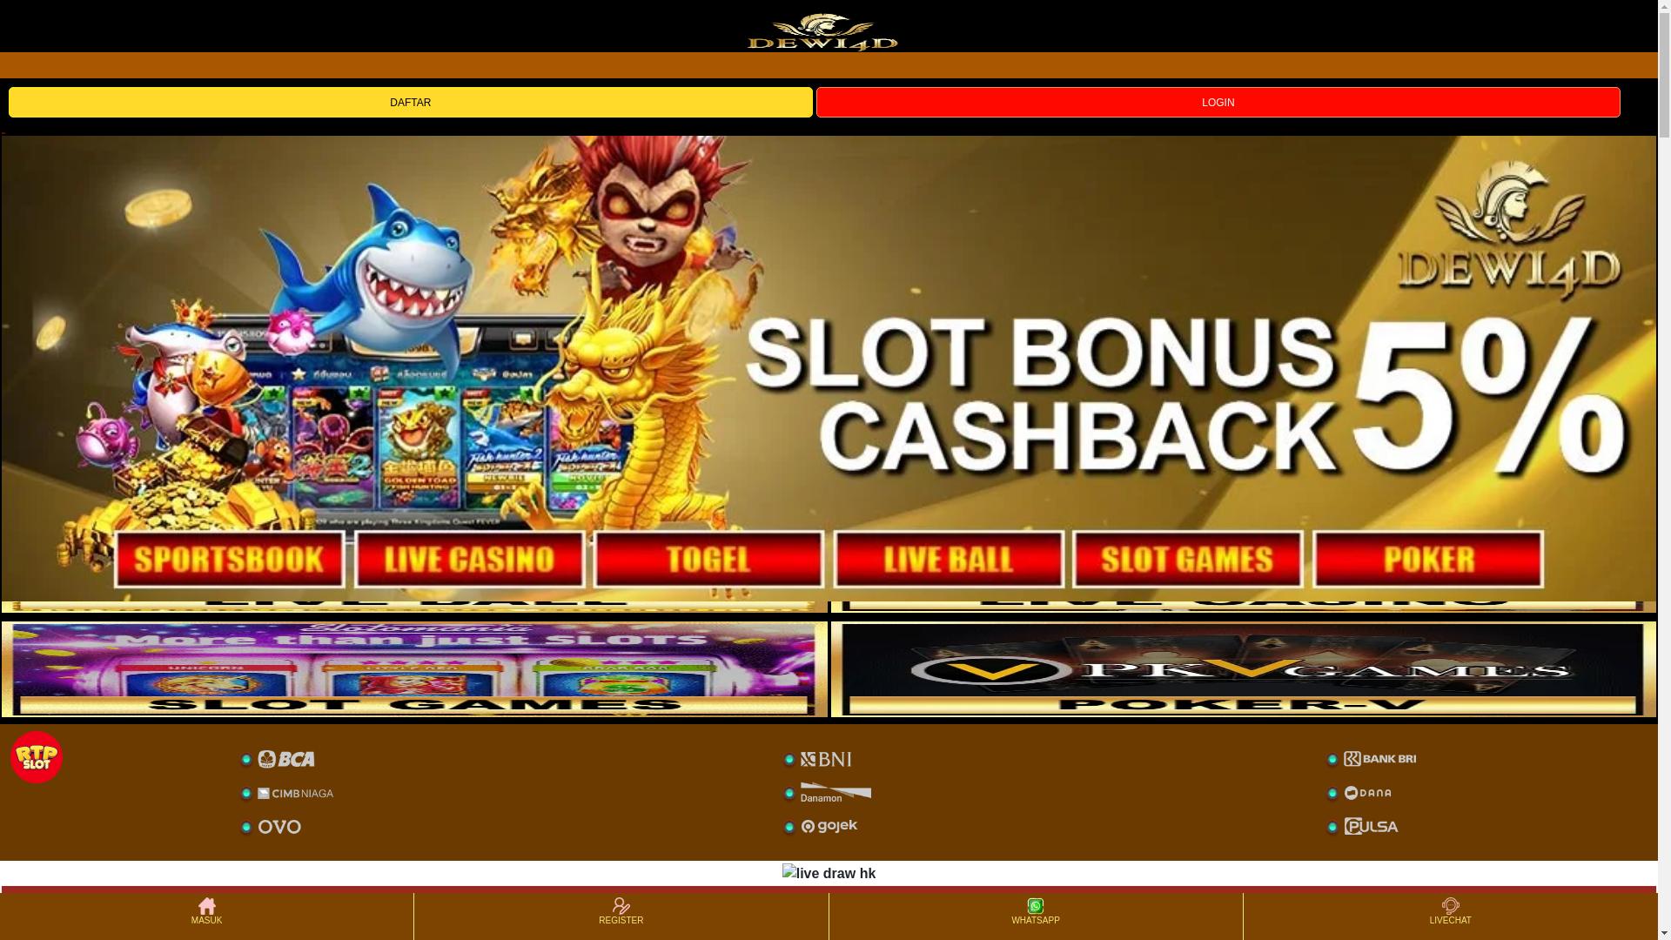 Image resolution: width=1671 pixels, height=940 pixels. What do you see at coordinates (1218, 101) in the screenshot?
I see `'LOGIN'` at bounding box center [1218, 101].